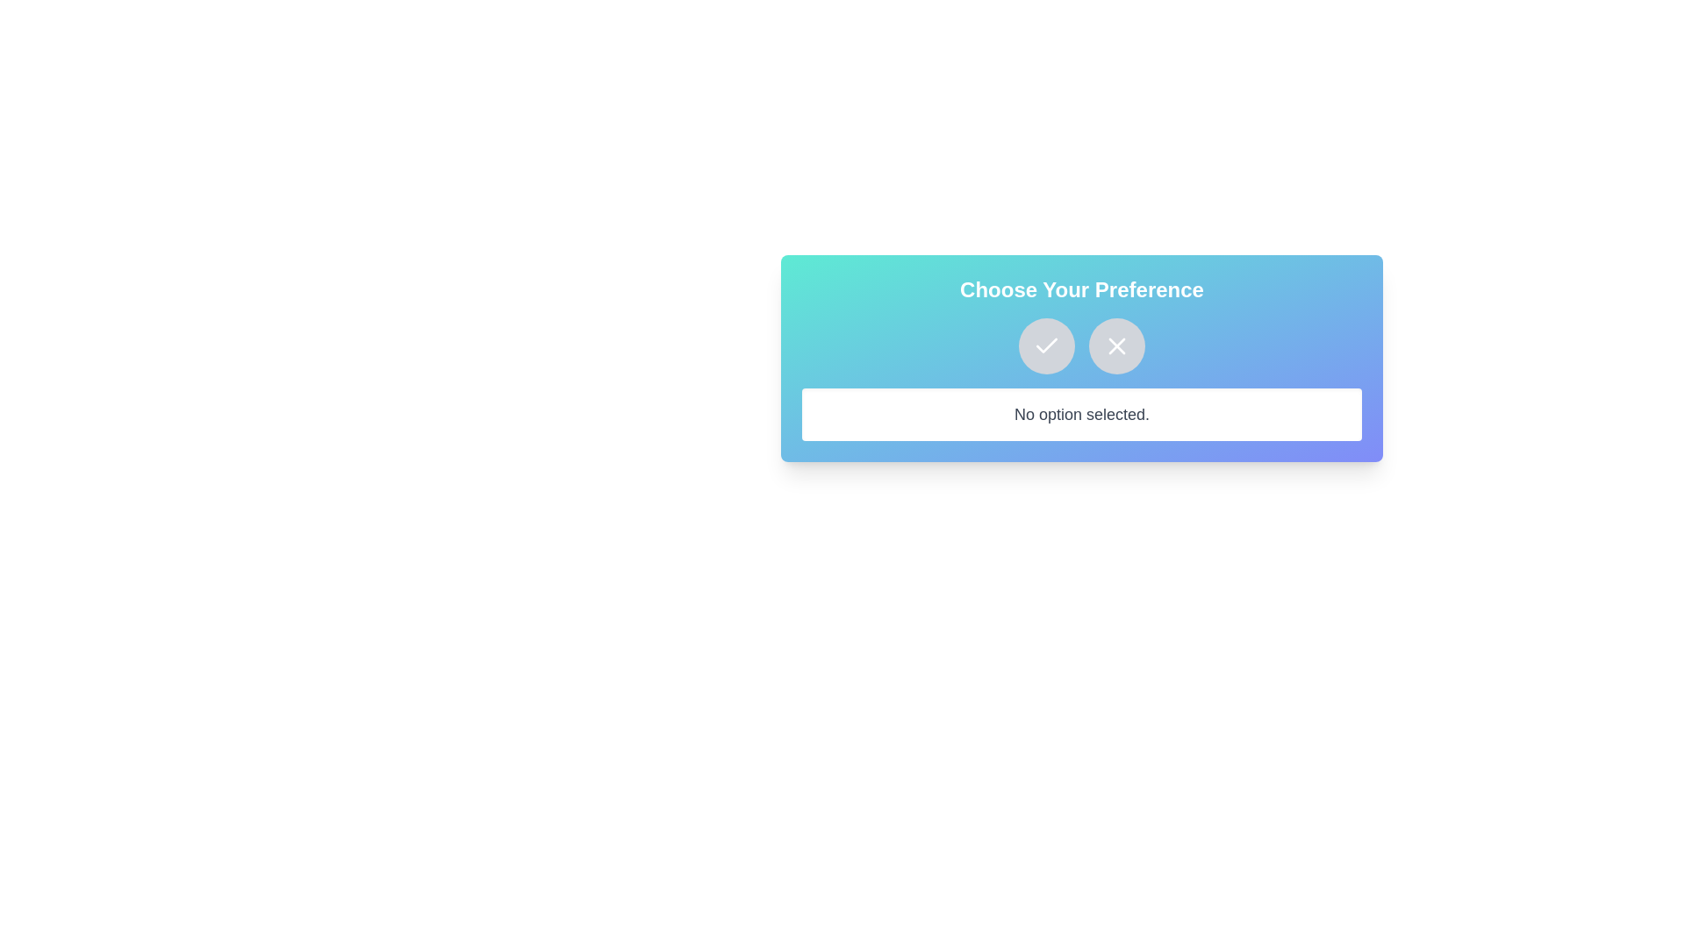 This screenshot has height=947, width=1685. What do you see at coordinates (1115, 345) in the screenshot?
I see `the cross button to reject the choice` at bounding box center [1115, 345].